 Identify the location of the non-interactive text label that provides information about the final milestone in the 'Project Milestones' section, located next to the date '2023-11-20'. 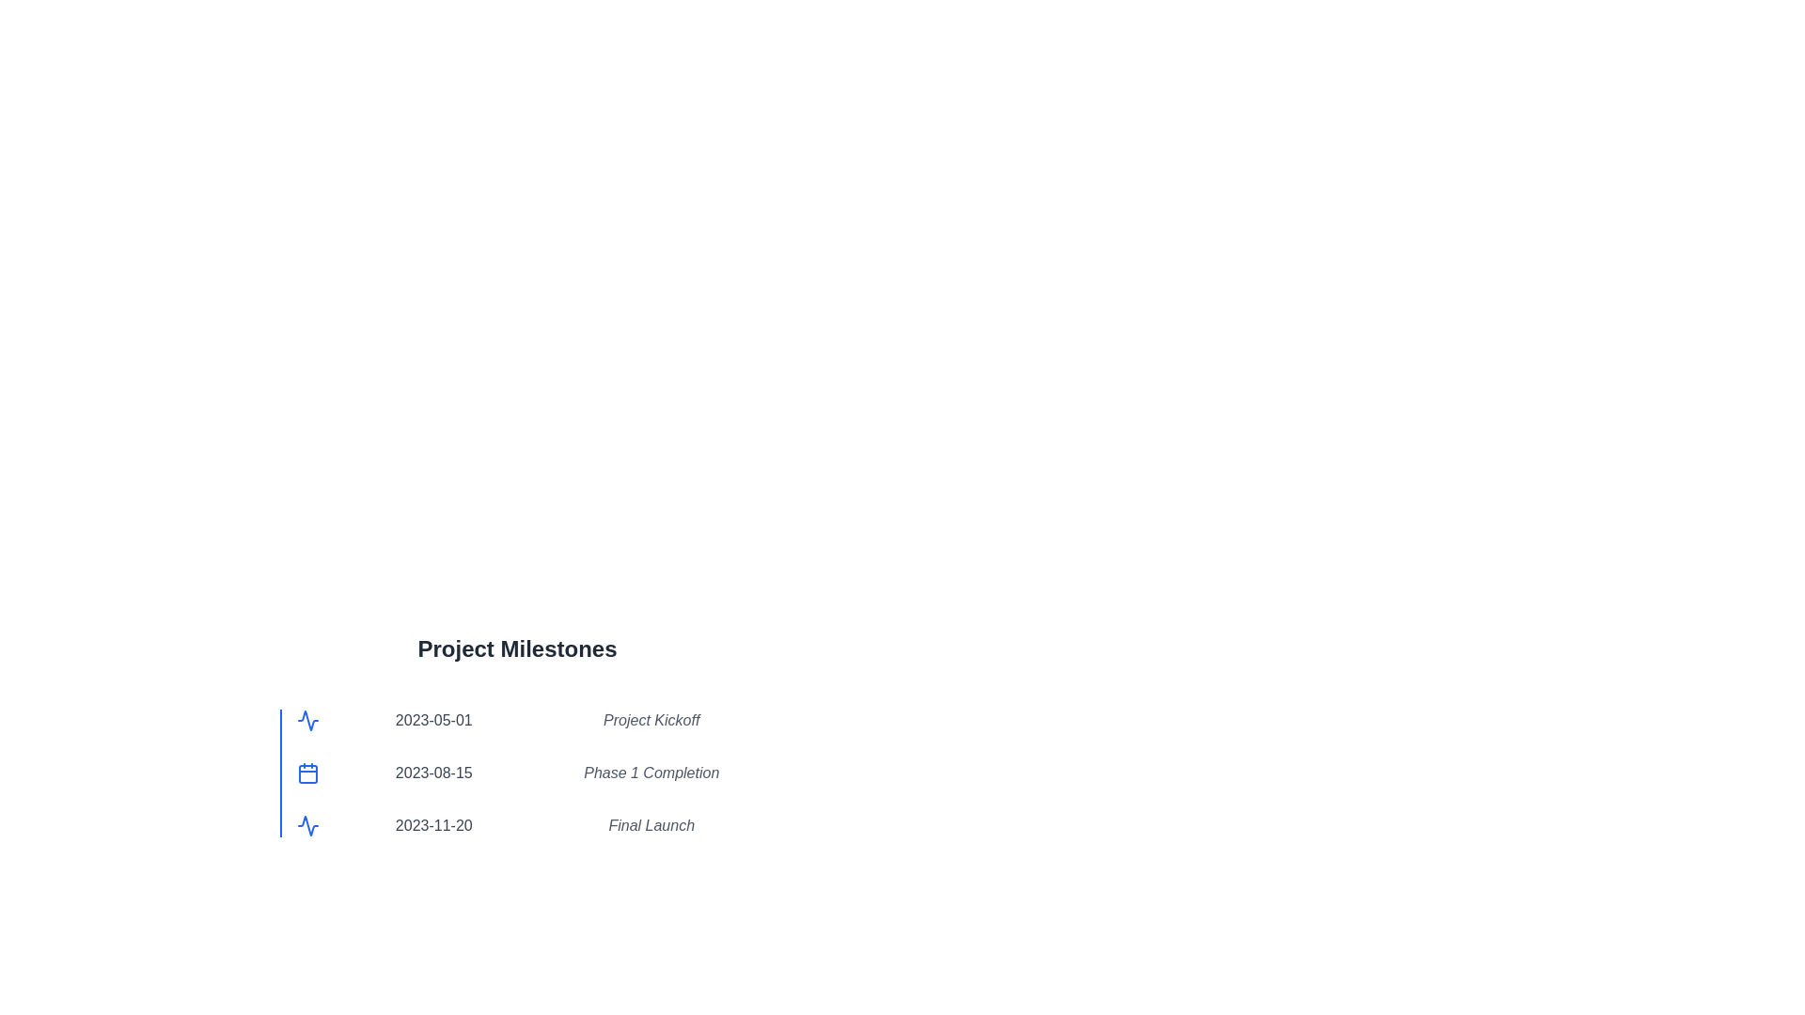
(651, 825).